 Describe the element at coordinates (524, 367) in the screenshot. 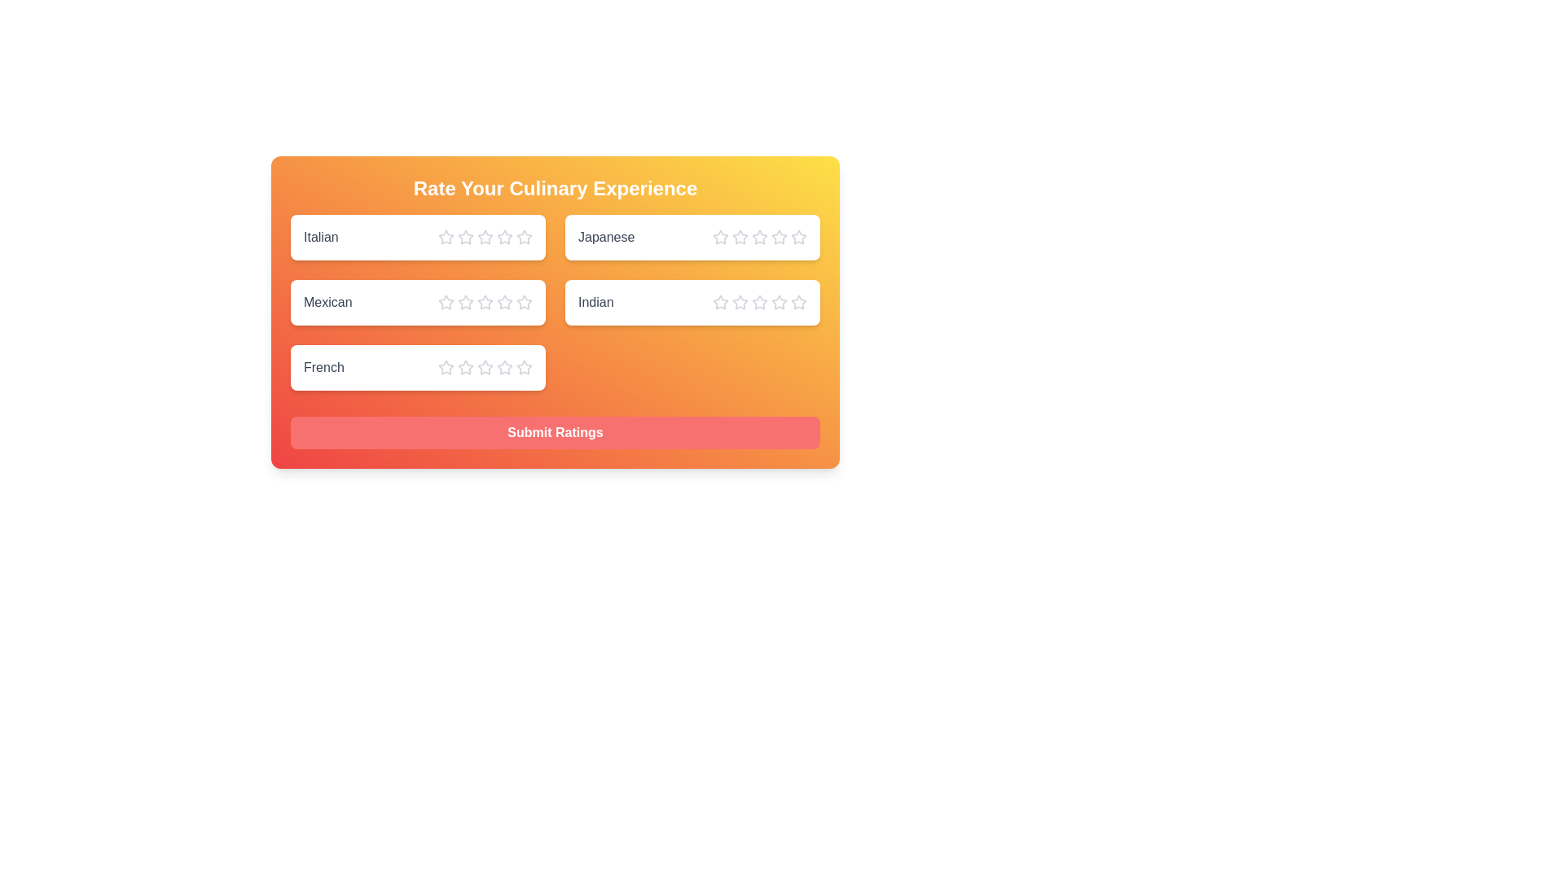

I see `the star corresponding to the rating 5 for the cuisine French` at that location.